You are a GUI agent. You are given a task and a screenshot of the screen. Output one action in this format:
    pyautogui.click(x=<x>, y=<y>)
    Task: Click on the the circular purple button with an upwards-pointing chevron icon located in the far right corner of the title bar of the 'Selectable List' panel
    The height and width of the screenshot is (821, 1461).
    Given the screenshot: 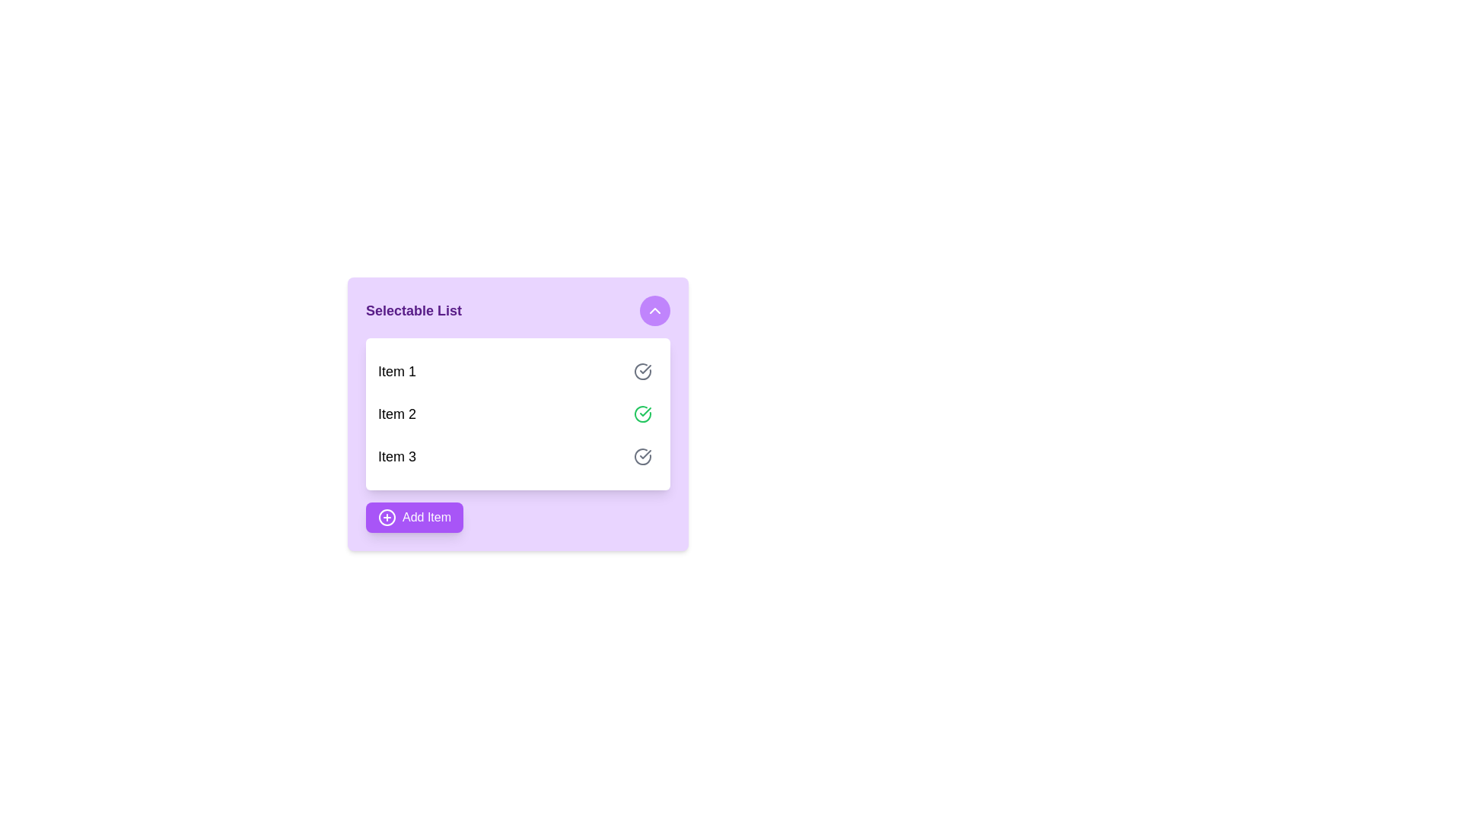 What is the action you would take?
    pyautogui.click(x=654, y=309)
    